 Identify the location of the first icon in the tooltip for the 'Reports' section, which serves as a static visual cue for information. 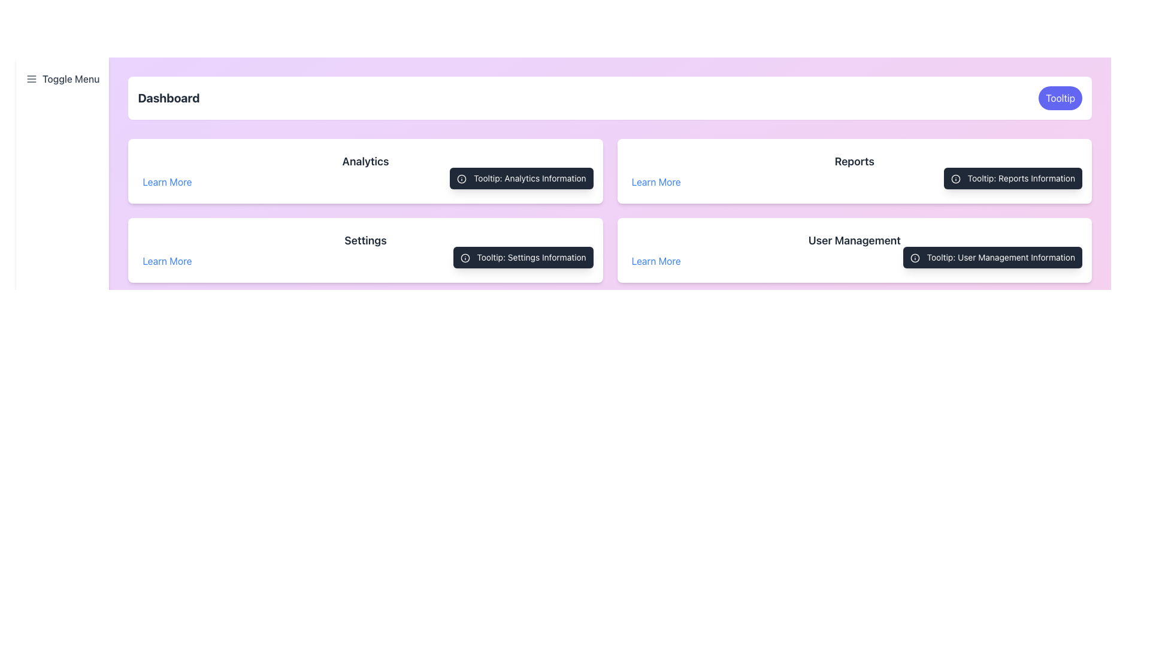
(955, 179).